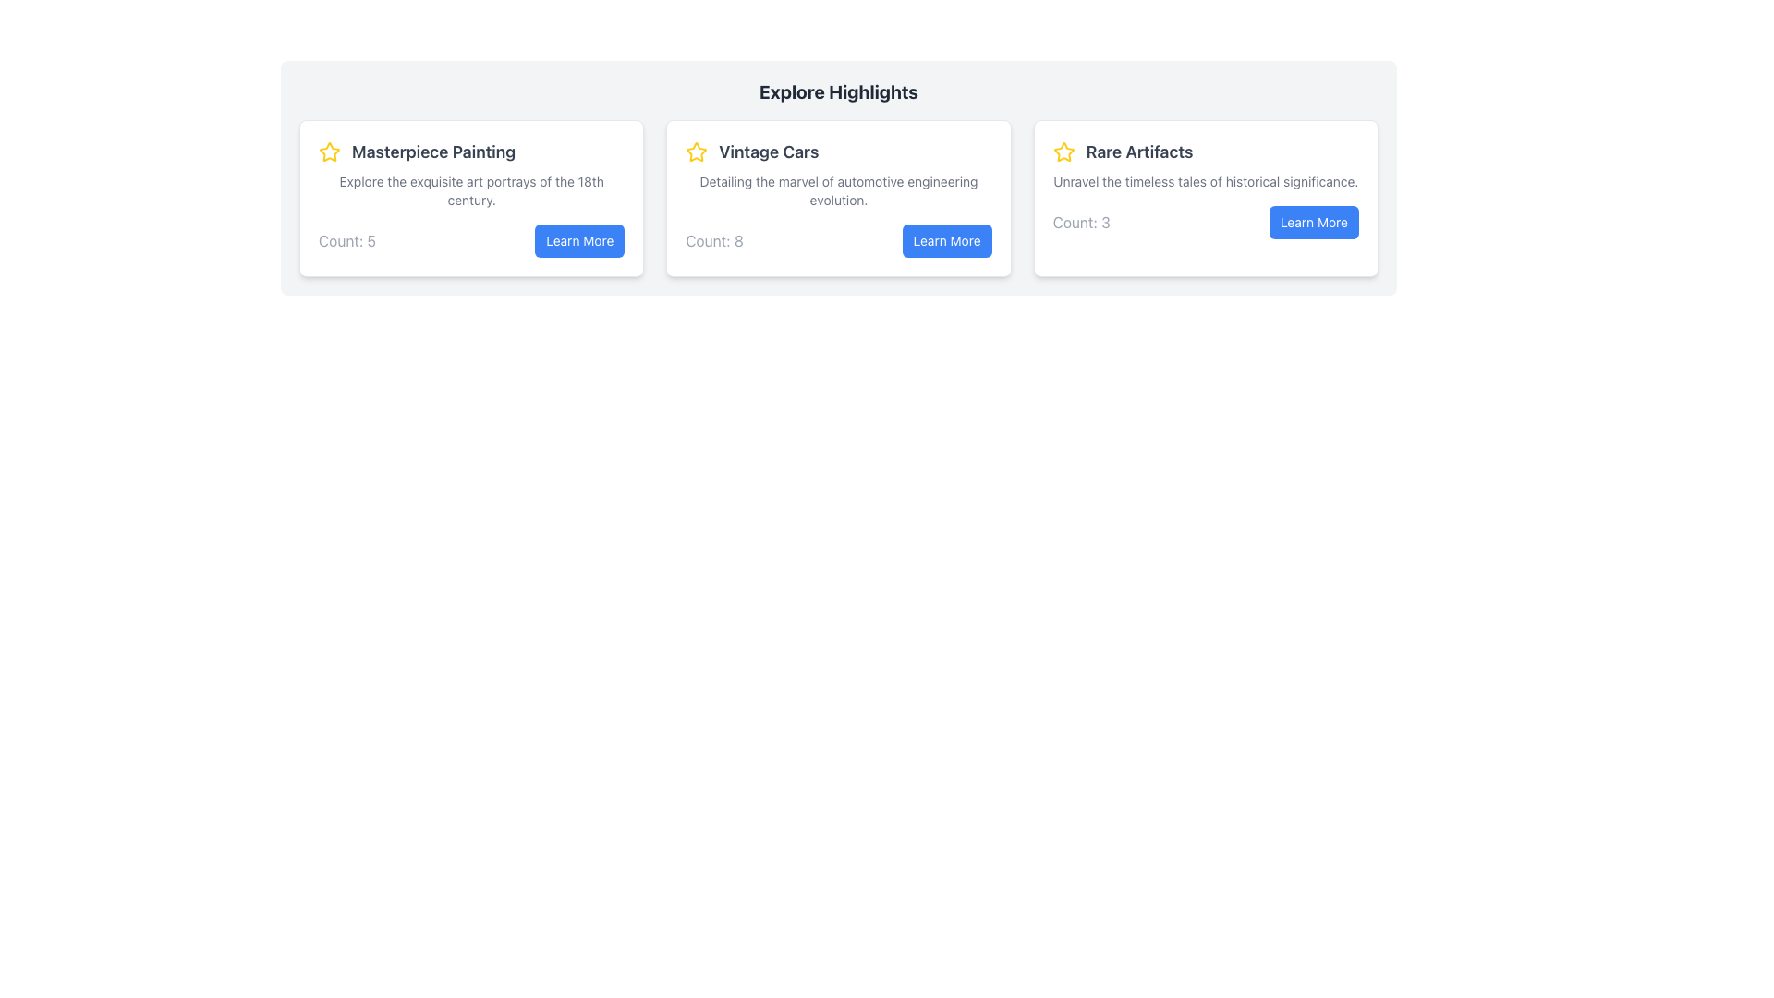 The height and width of the screenshot is (998, 1774). Describe the element at coordinates (471, 191) in the screenshot. I see `the descriptive text element located at the center of the first card, which provides additional context for the title 'Masterpiece Painting'` at that location.